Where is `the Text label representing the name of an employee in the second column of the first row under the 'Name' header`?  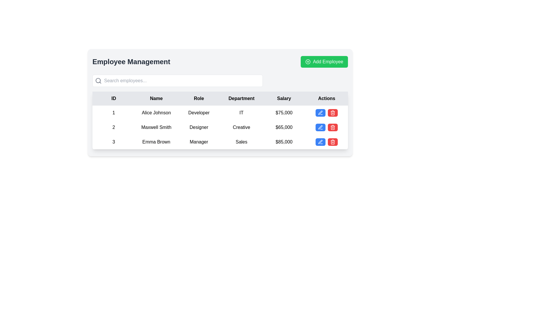
the Text label representing the name of an employee in the second column of the first row under the 'Name' header is located at coordinates (156, 113).